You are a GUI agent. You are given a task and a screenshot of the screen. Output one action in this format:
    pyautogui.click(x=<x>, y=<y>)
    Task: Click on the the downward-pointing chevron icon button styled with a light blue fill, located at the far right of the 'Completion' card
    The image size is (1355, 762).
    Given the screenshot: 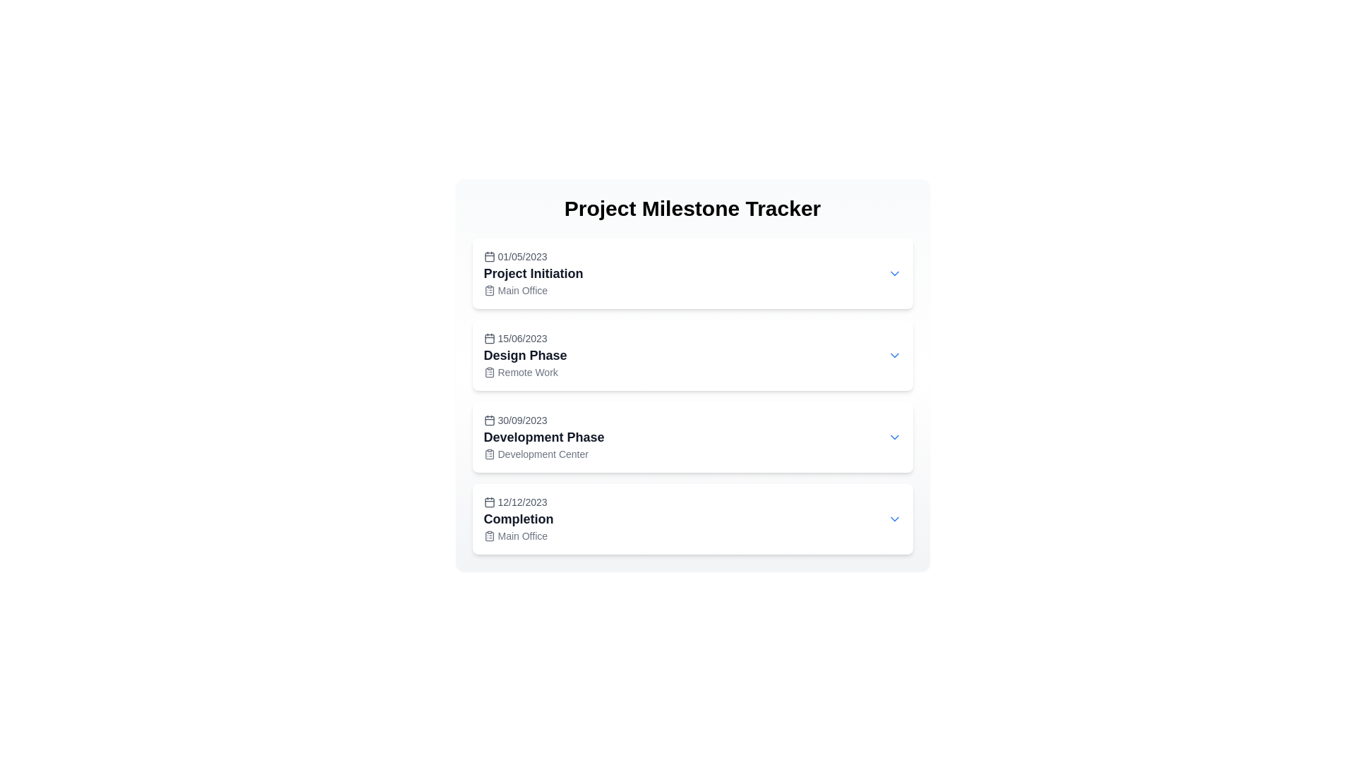 What is the action you would take?
    pyautogui.click(x=893, y=519)
    